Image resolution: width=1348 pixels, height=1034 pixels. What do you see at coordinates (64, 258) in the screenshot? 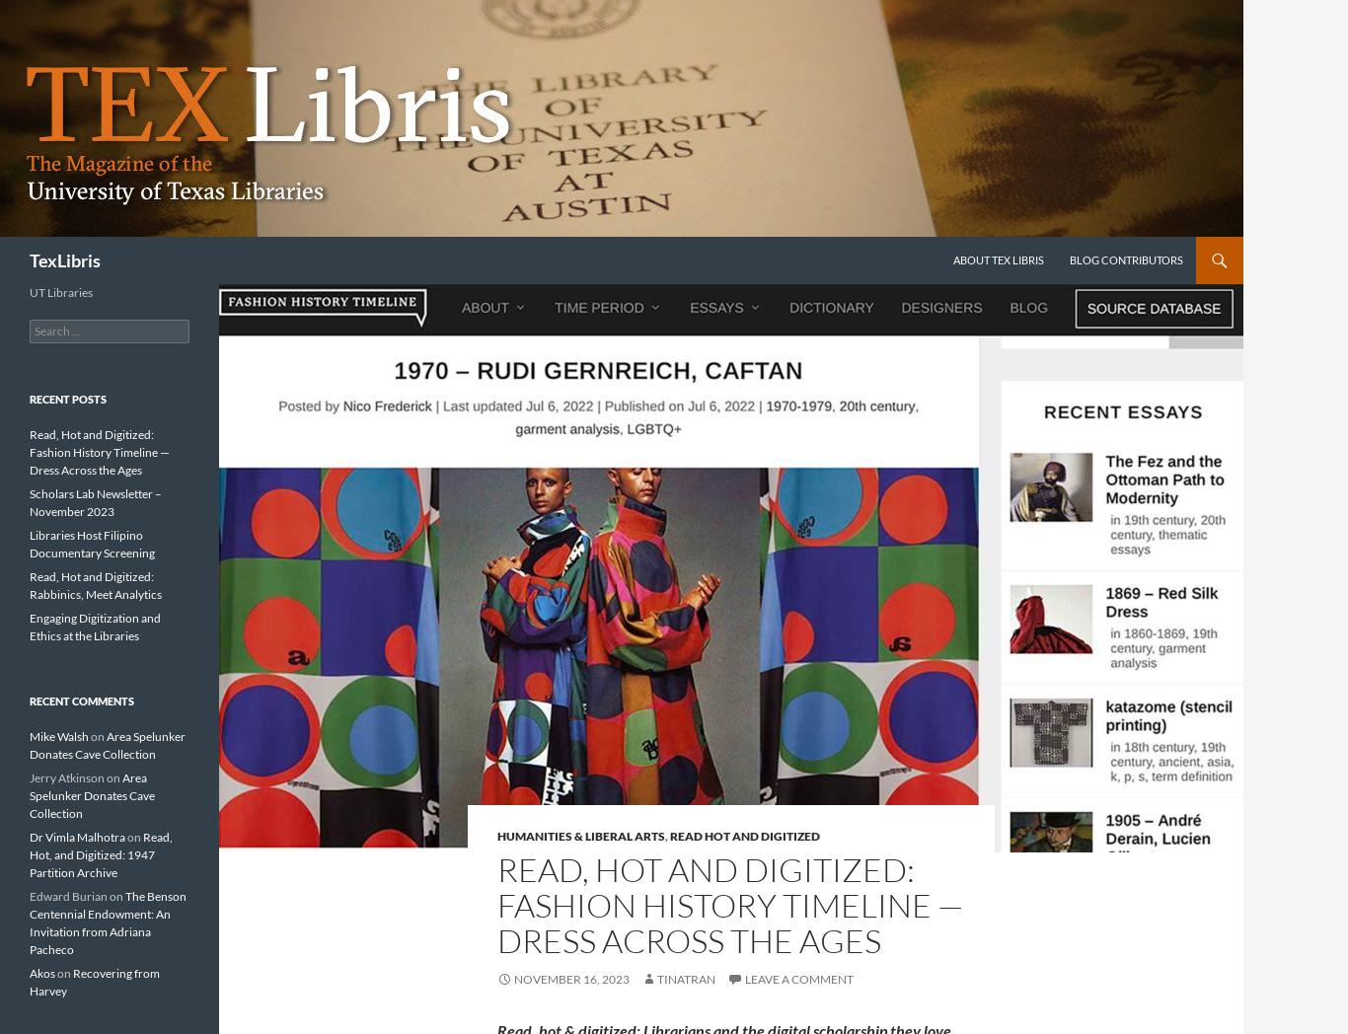
I see `'TexLibris'` at bounding box center [64, 258].